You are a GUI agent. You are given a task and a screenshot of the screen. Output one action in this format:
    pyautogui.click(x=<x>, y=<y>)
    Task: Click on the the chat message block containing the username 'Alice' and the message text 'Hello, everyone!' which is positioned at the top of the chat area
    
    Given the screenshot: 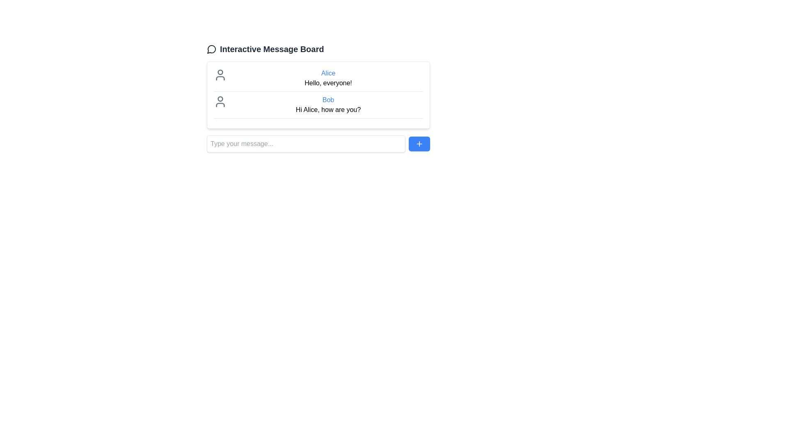 What is the action you would take?
    pyautogui.click(x=318, y=80)
    